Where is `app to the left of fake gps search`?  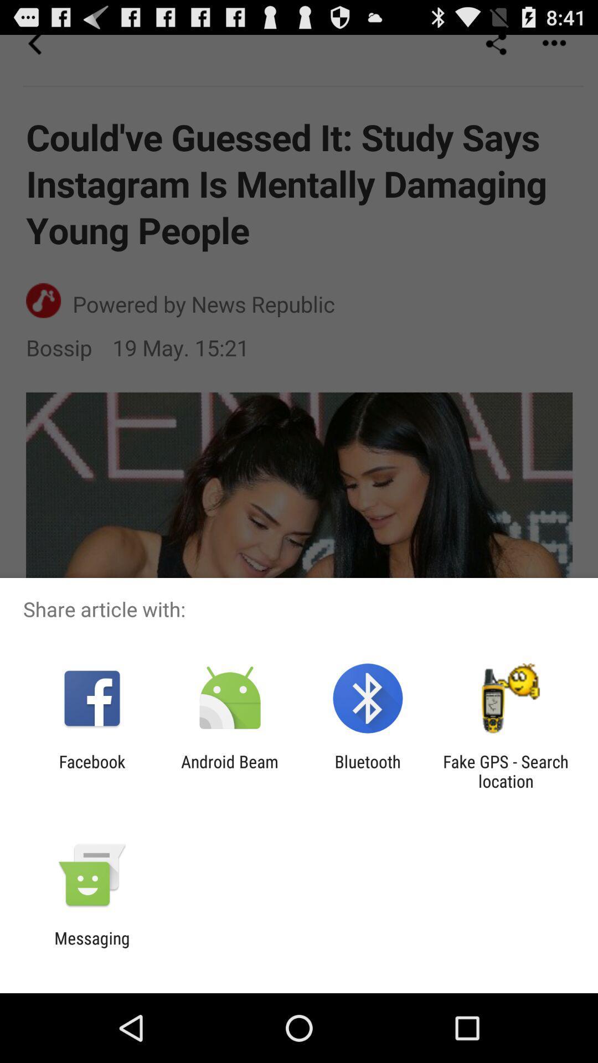
app to the left of fake gps search is located at coordinates (368, 771).